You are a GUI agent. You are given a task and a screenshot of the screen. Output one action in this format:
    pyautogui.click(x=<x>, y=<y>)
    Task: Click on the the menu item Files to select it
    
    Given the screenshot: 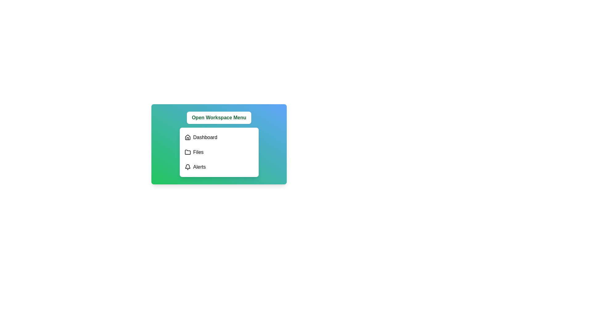 What is the action you would take?
    pyautogui.click(x=219, y=152)
    